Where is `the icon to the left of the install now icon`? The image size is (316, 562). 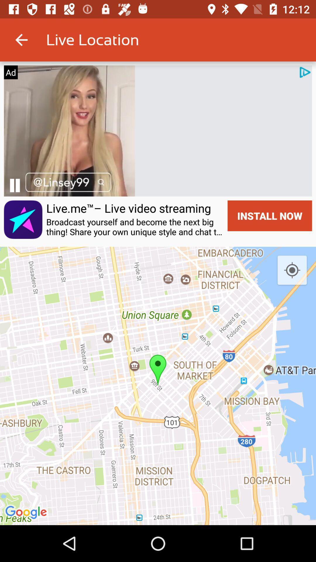 the icon to the left of the install now icon is located at coordinates (128, 208).